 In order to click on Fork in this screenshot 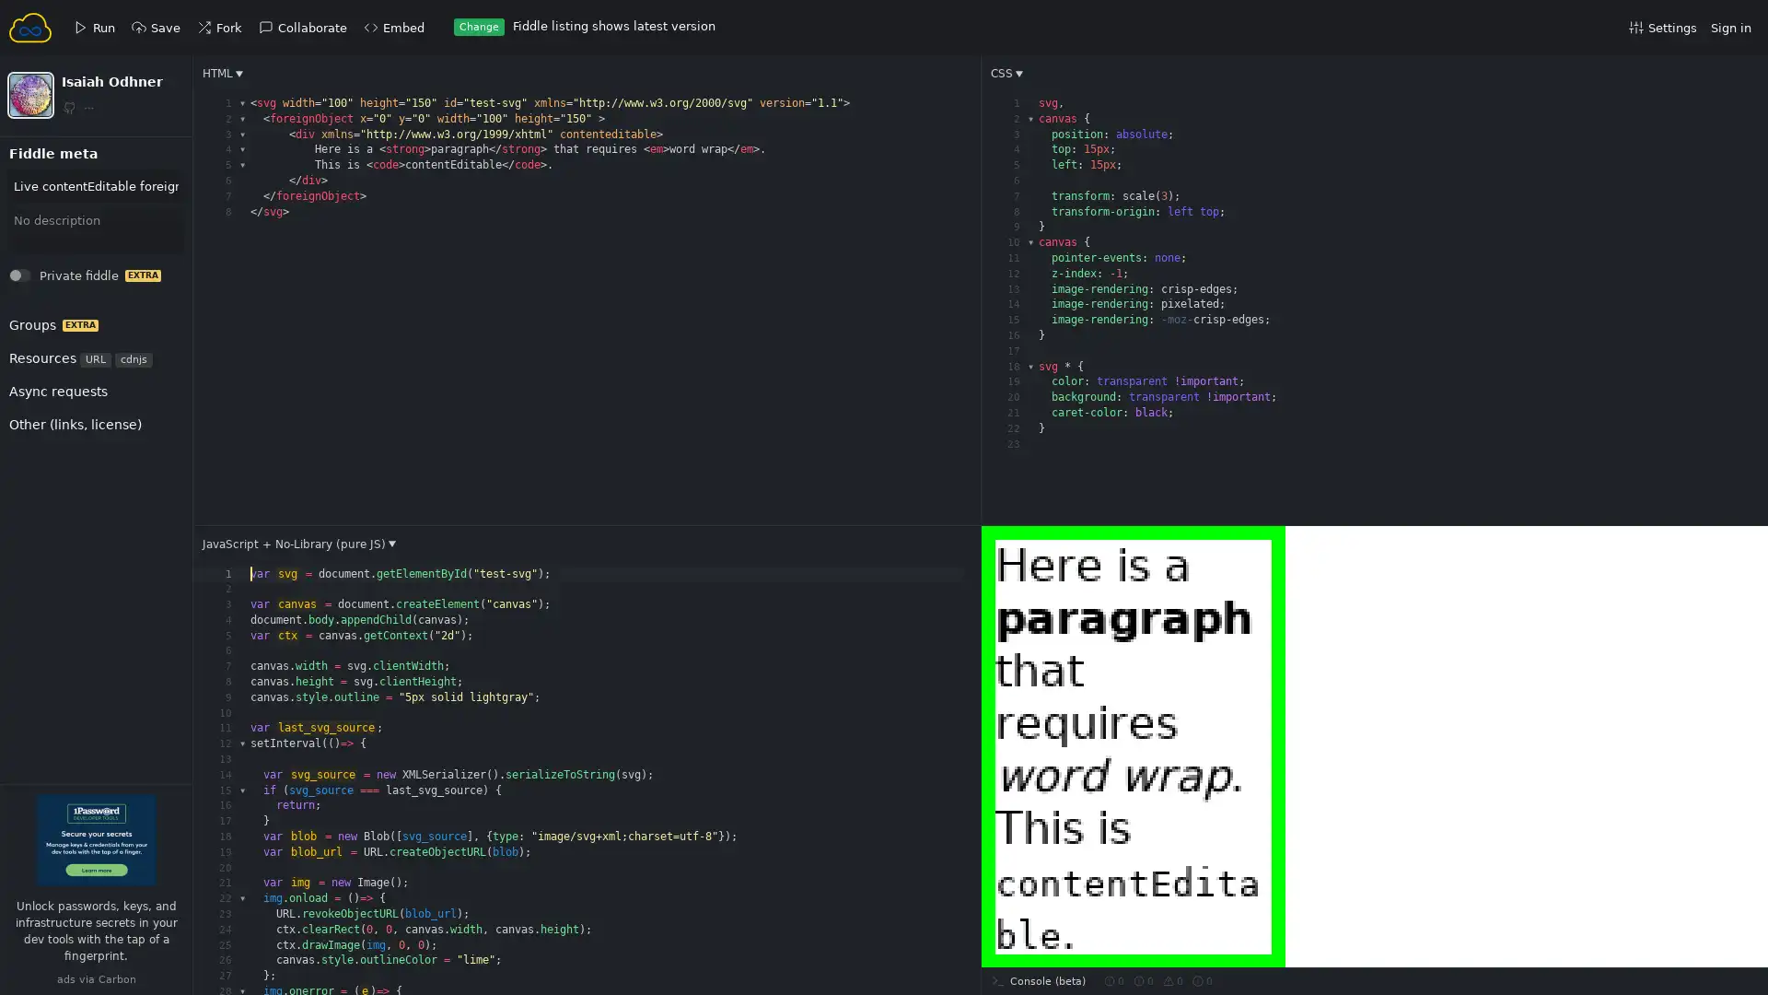, I will do `click(38, 198)`.